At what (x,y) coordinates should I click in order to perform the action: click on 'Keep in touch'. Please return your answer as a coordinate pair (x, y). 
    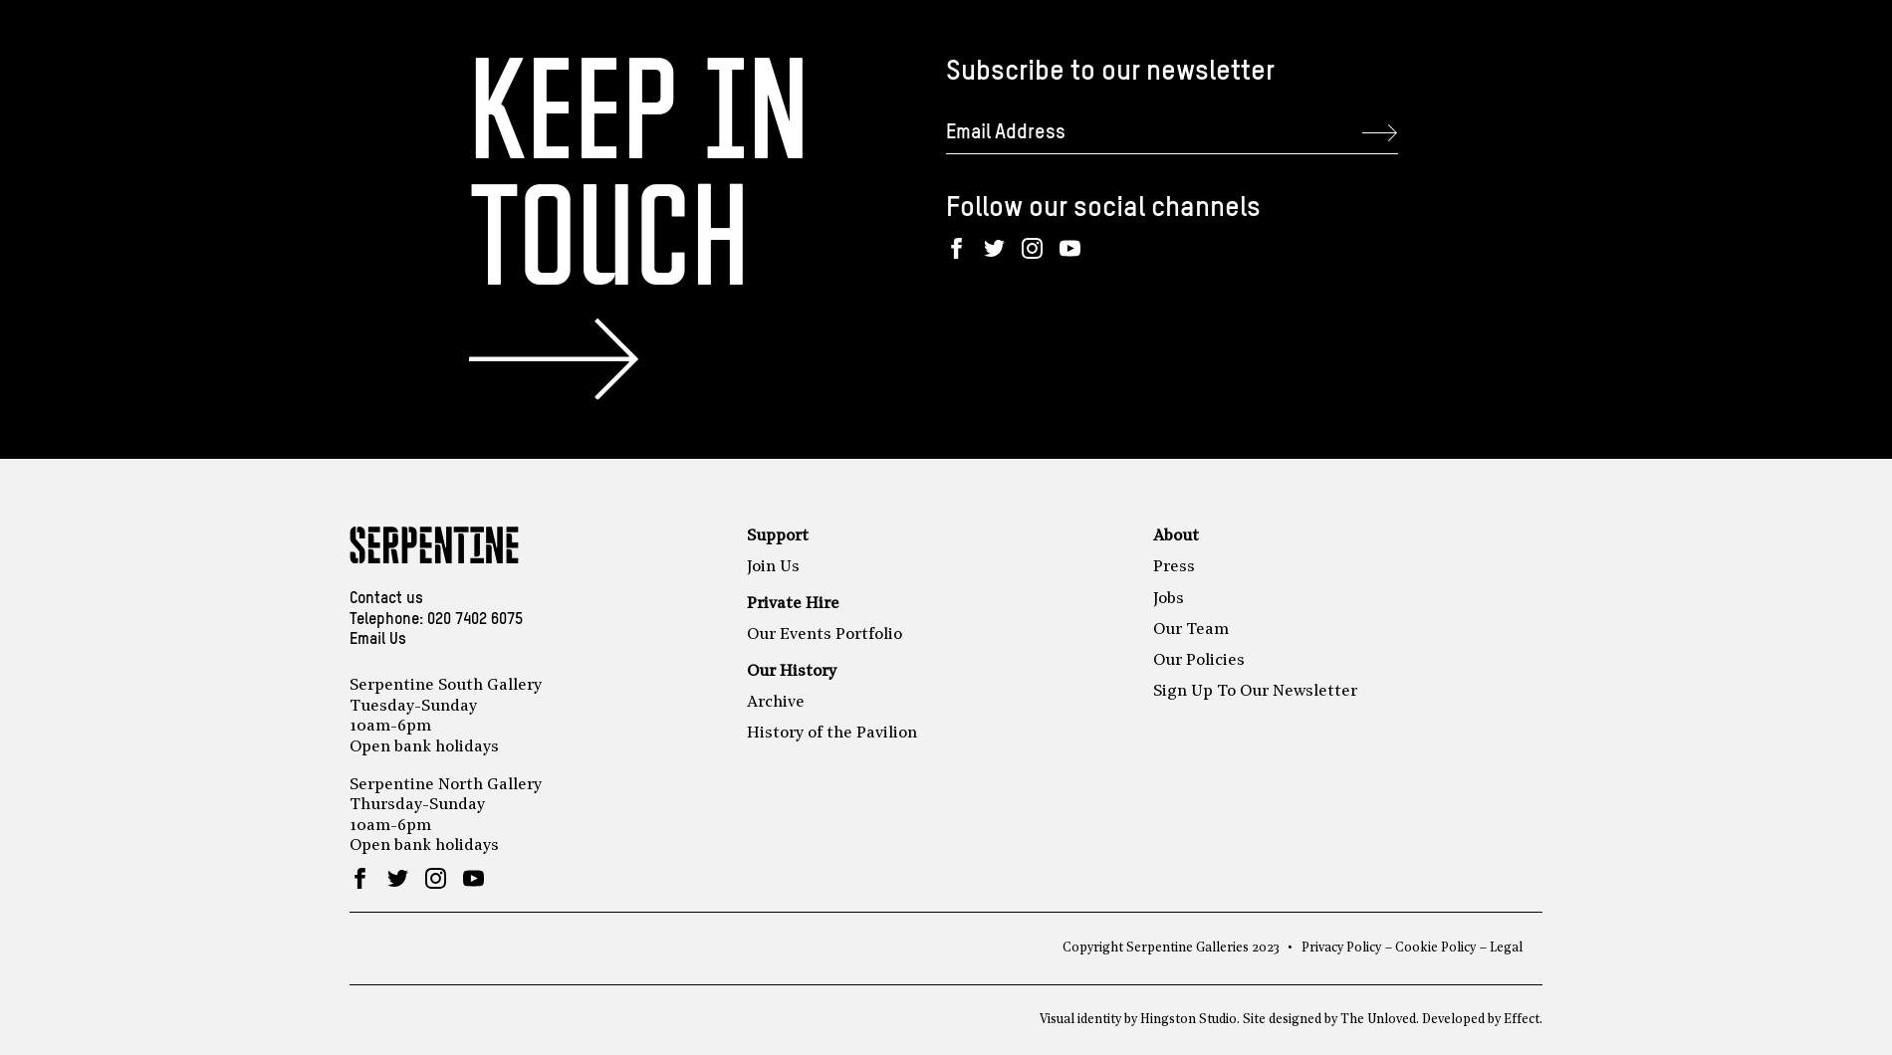
    Looking at the image, I should click on (638, 169).